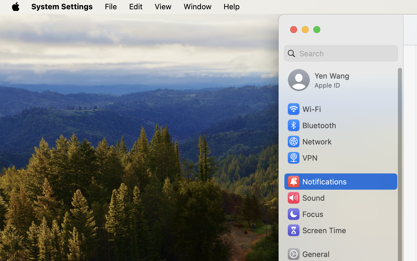 This screenshot has width=417, height=261. What do you see at coordinates (305, 214) in the screenshot?
I see `'Focus'` at bounding box center [305, 214].